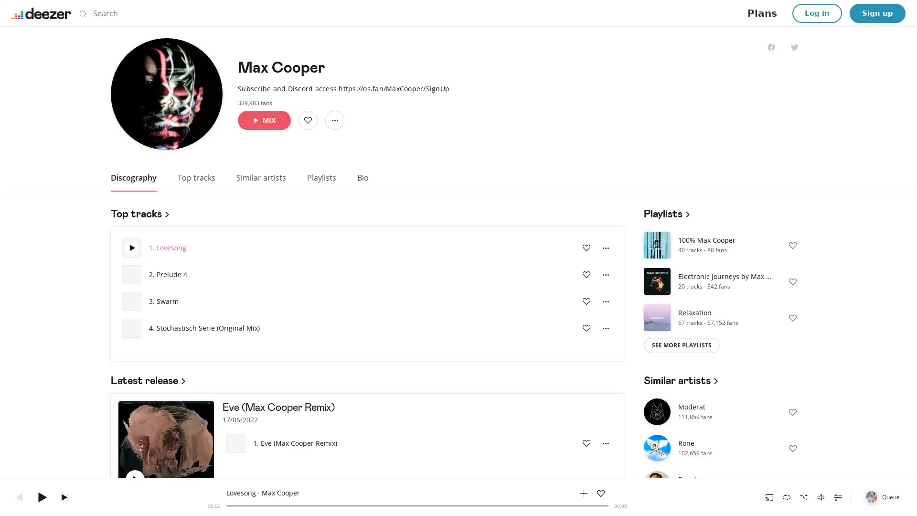 Image resolution: width=917 pixels, height=516 pixels. I want to click on Play Swarm by Max Cooper, so click(131, 301).